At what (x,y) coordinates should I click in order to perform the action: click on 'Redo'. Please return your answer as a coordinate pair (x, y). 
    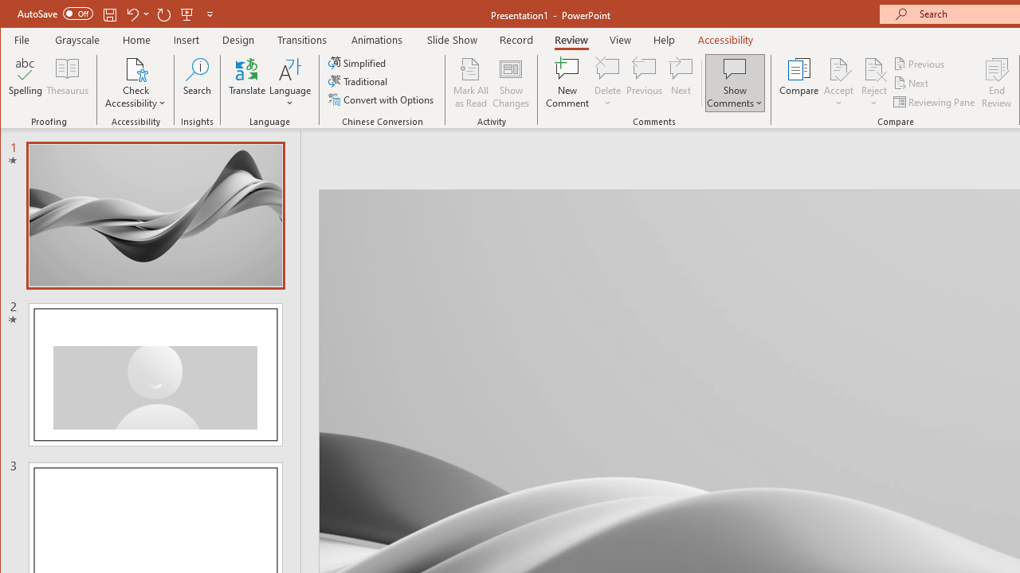
    Looking at the image, I should click on (164, 14).